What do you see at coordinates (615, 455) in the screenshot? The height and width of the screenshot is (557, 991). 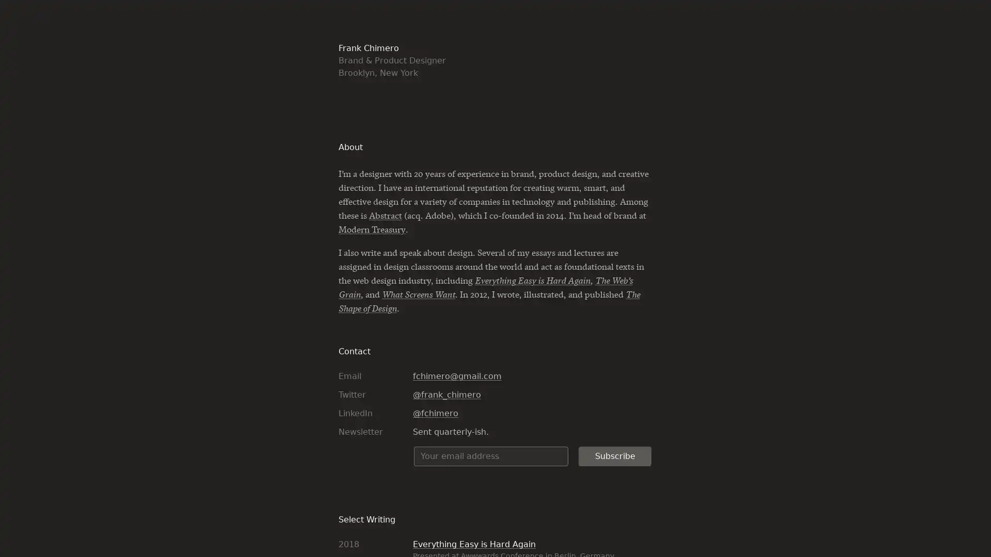 I see `Subscribe` at bounding box center [615, 455].